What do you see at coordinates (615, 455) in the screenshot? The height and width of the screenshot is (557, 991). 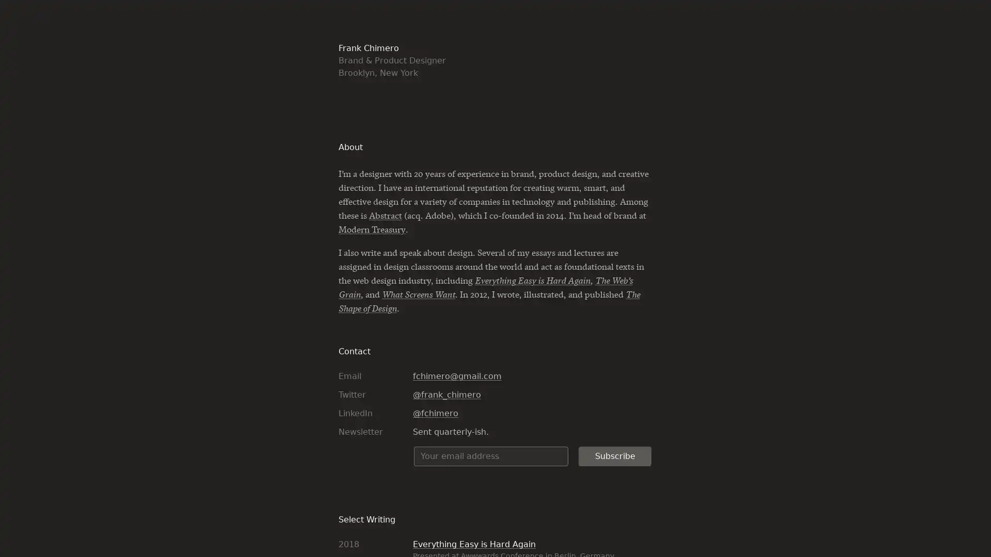 I see `Subscribe` at bounding box center [615, 455].